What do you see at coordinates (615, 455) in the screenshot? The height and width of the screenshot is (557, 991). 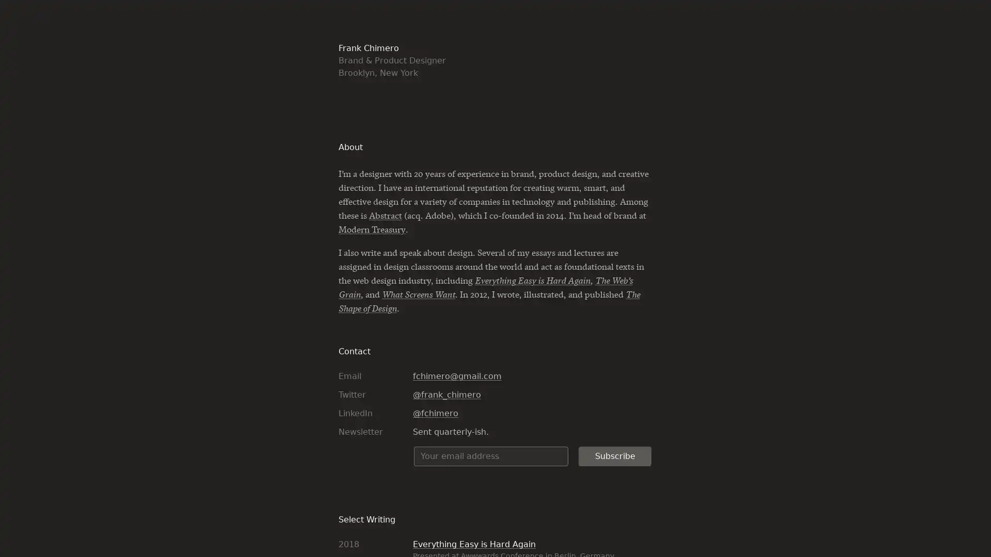 I see `Subscribe` at bounding box center [615, 455].